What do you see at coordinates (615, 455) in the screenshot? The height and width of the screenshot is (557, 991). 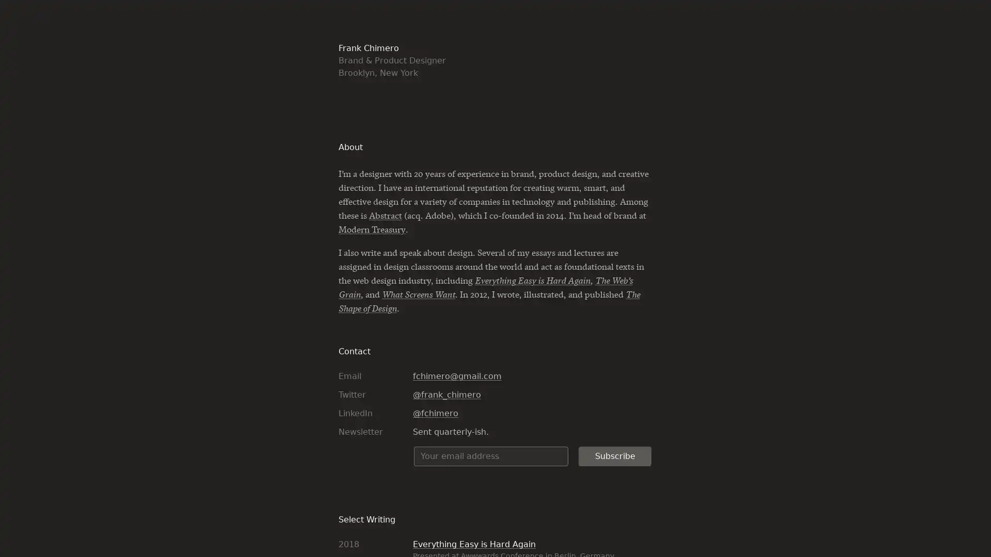 I see `Subscribe` at bounding box center [615, 455].